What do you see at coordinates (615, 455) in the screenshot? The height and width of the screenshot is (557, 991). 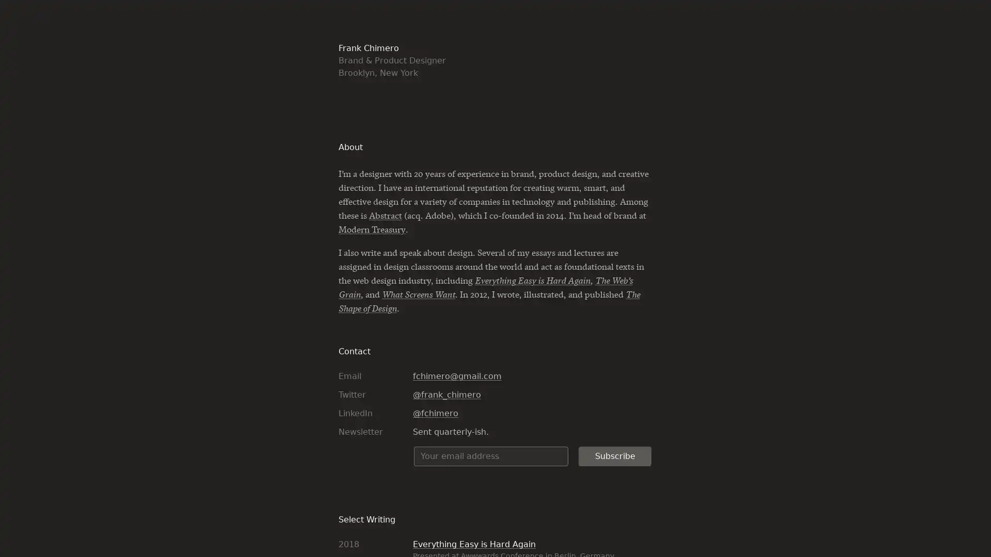 I see `Subscribe` at bounding box center [615, 455].